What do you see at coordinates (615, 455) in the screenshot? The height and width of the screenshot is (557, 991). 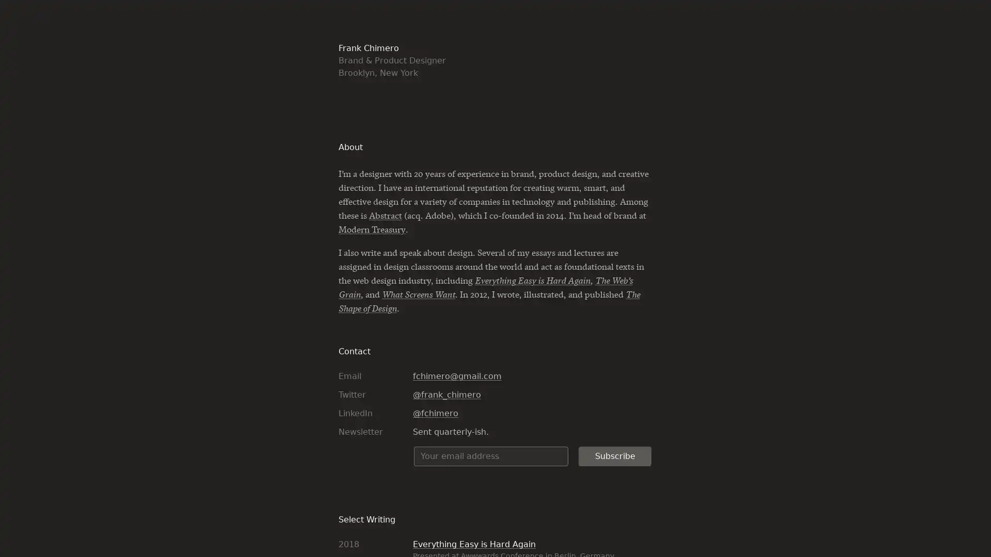 I see `Subscribe` at bounding box center [615, 455].